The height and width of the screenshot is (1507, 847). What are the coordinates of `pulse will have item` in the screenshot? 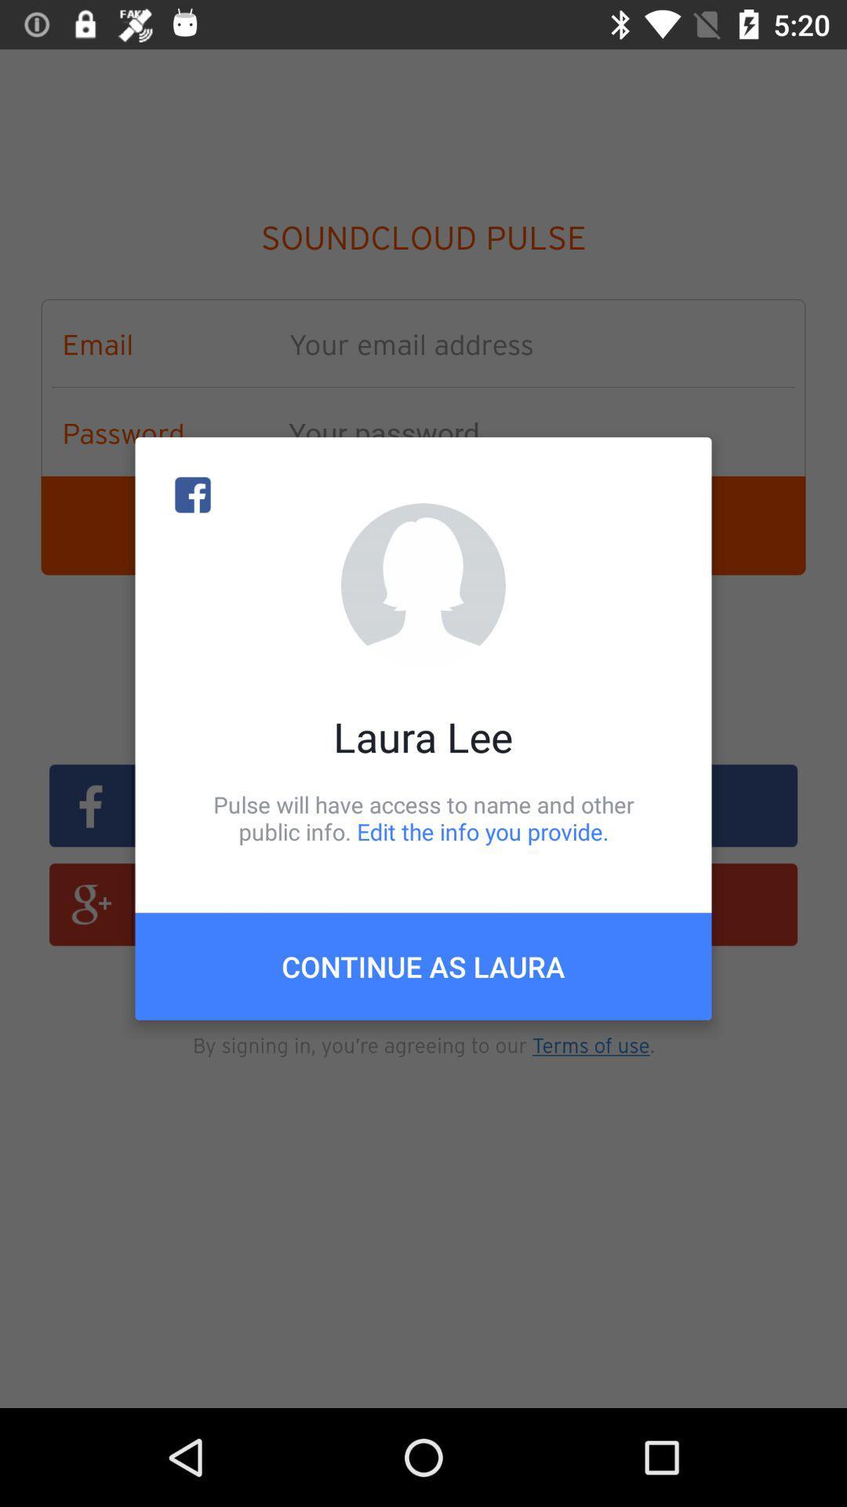 It's located at (423, 817).